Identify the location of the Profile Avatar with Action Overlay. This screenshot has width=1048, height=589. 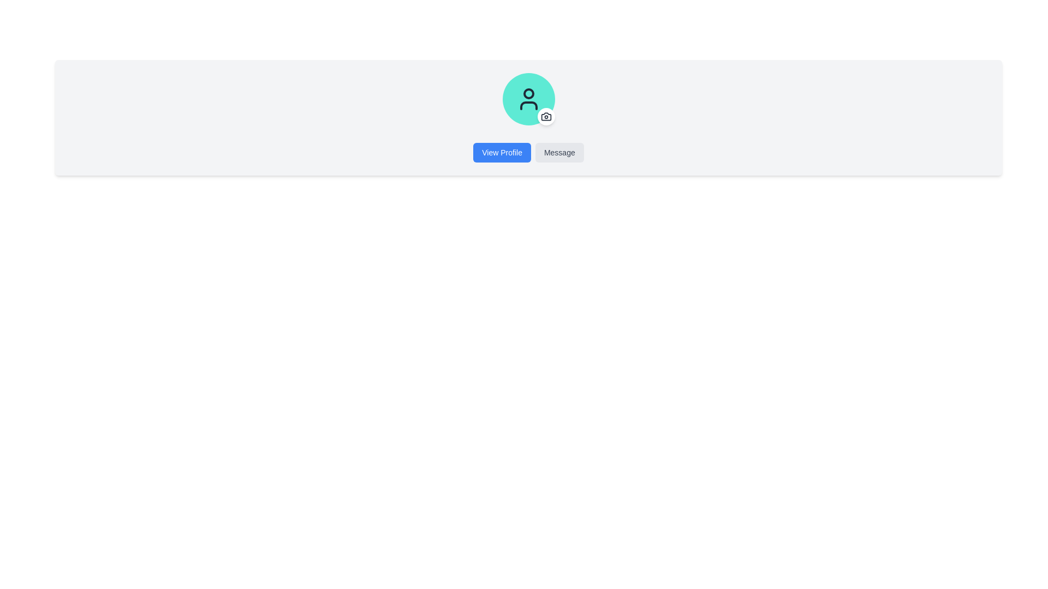
(528, 99).